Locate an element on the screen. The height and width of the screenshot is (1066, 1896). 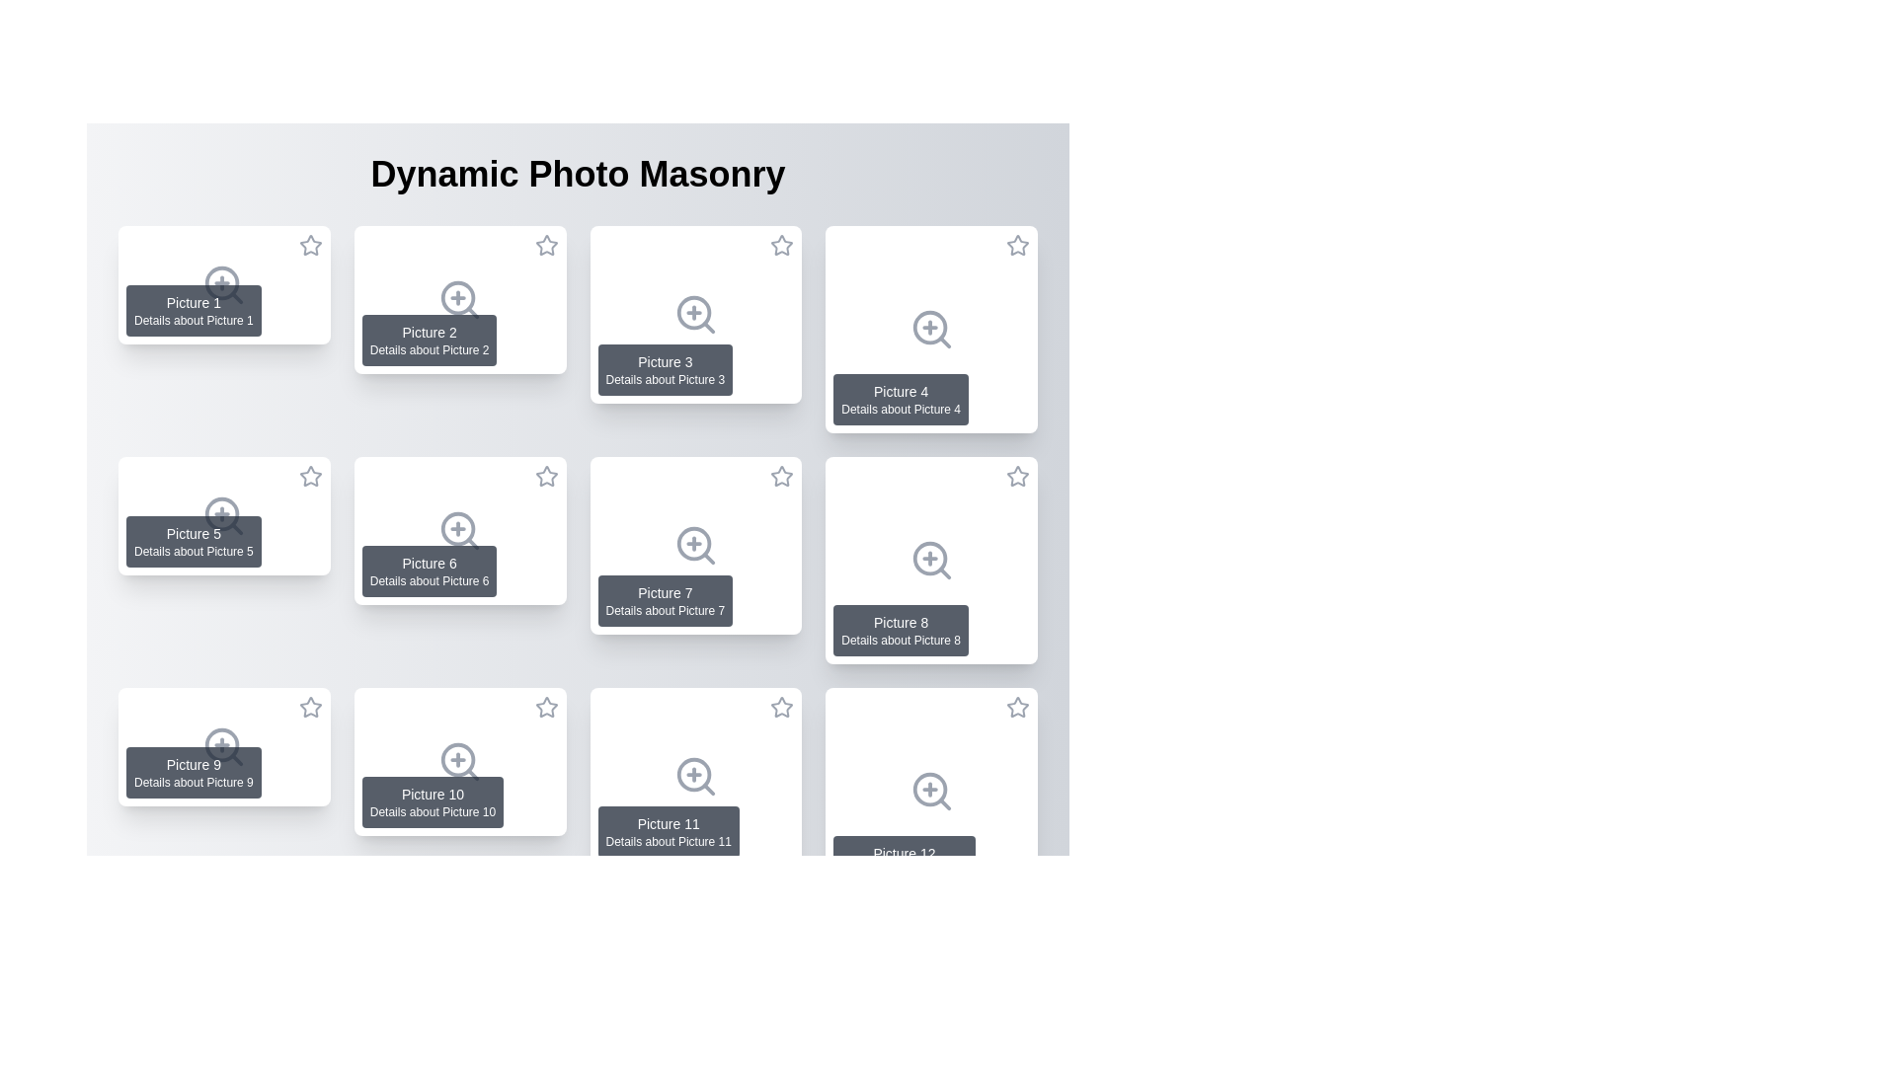
the zoom-in button located at the center of the lower left content card for 'Picture 9' is located at coordinates (224, 746).